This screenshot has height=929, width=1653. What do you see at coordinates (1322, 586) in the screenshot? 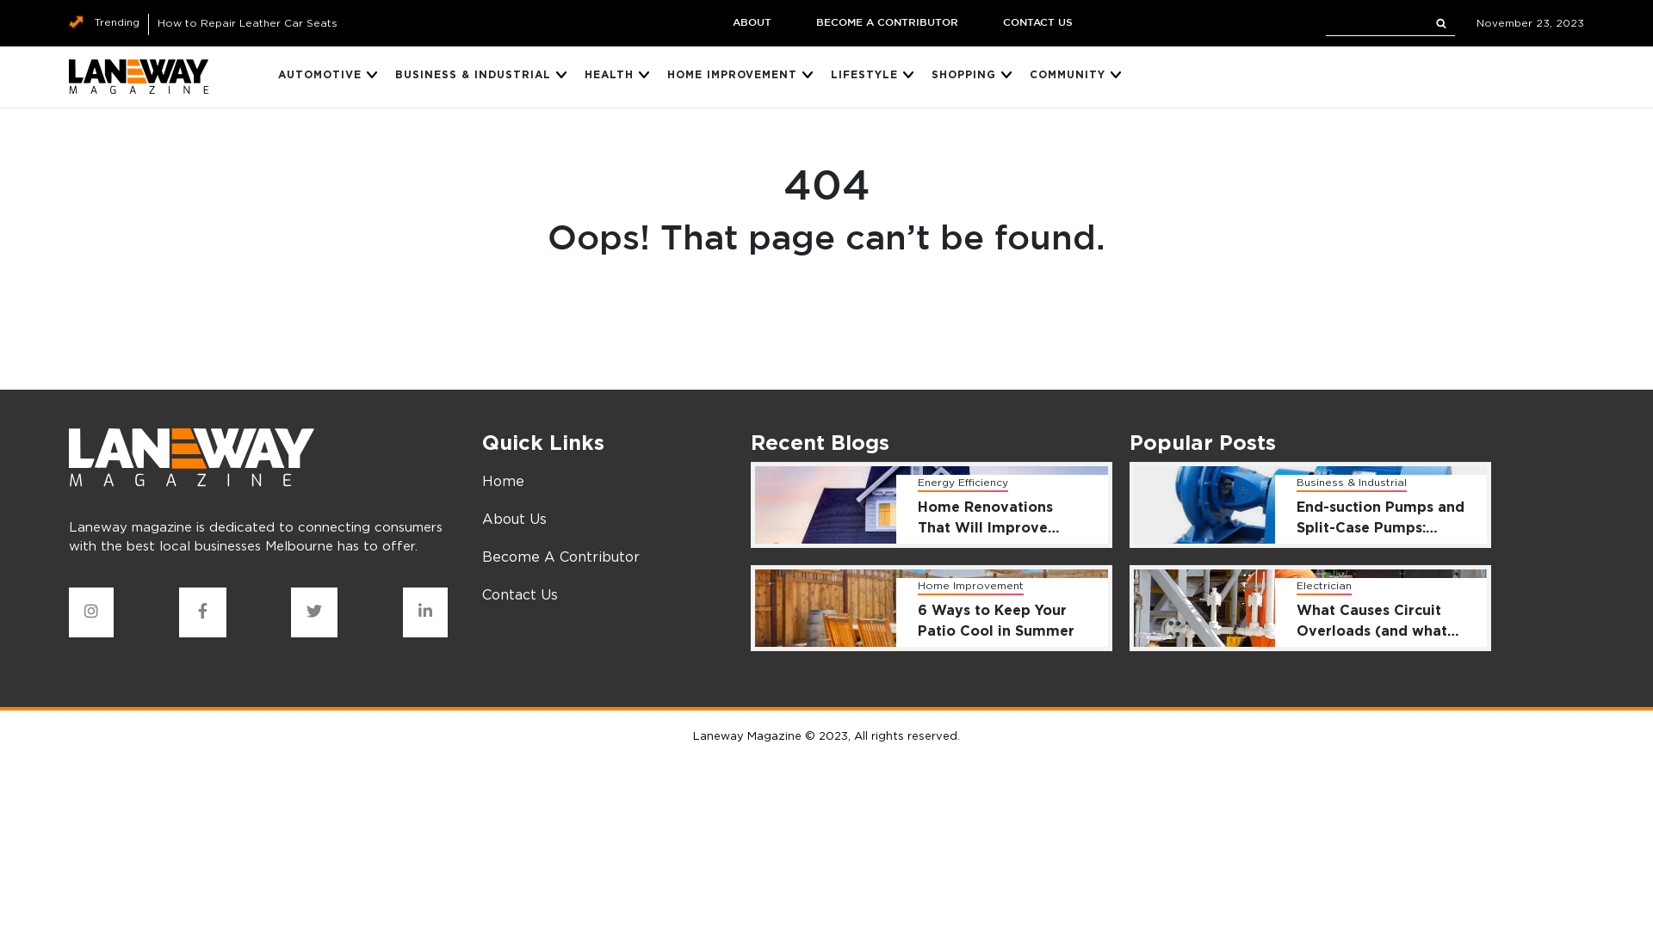
I see `'Electrician'` at bounding box center [1322, 586].